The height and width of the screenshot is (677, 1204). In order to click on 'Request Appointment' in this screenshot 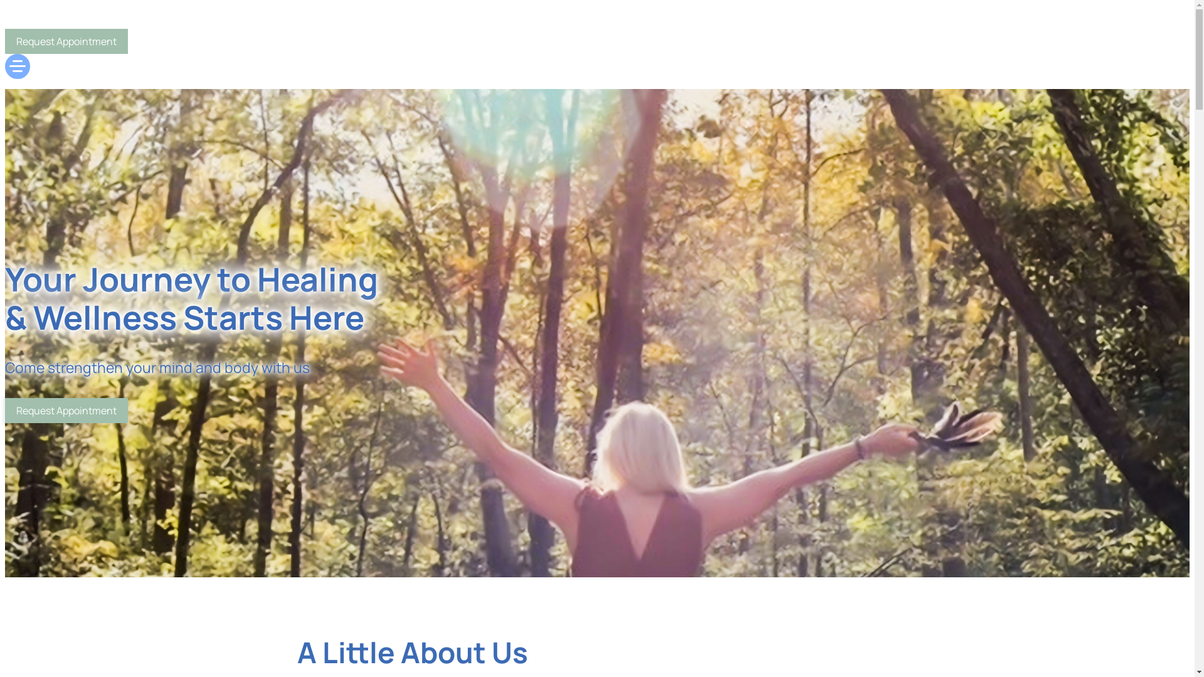, I will do `click(65, 411)`.